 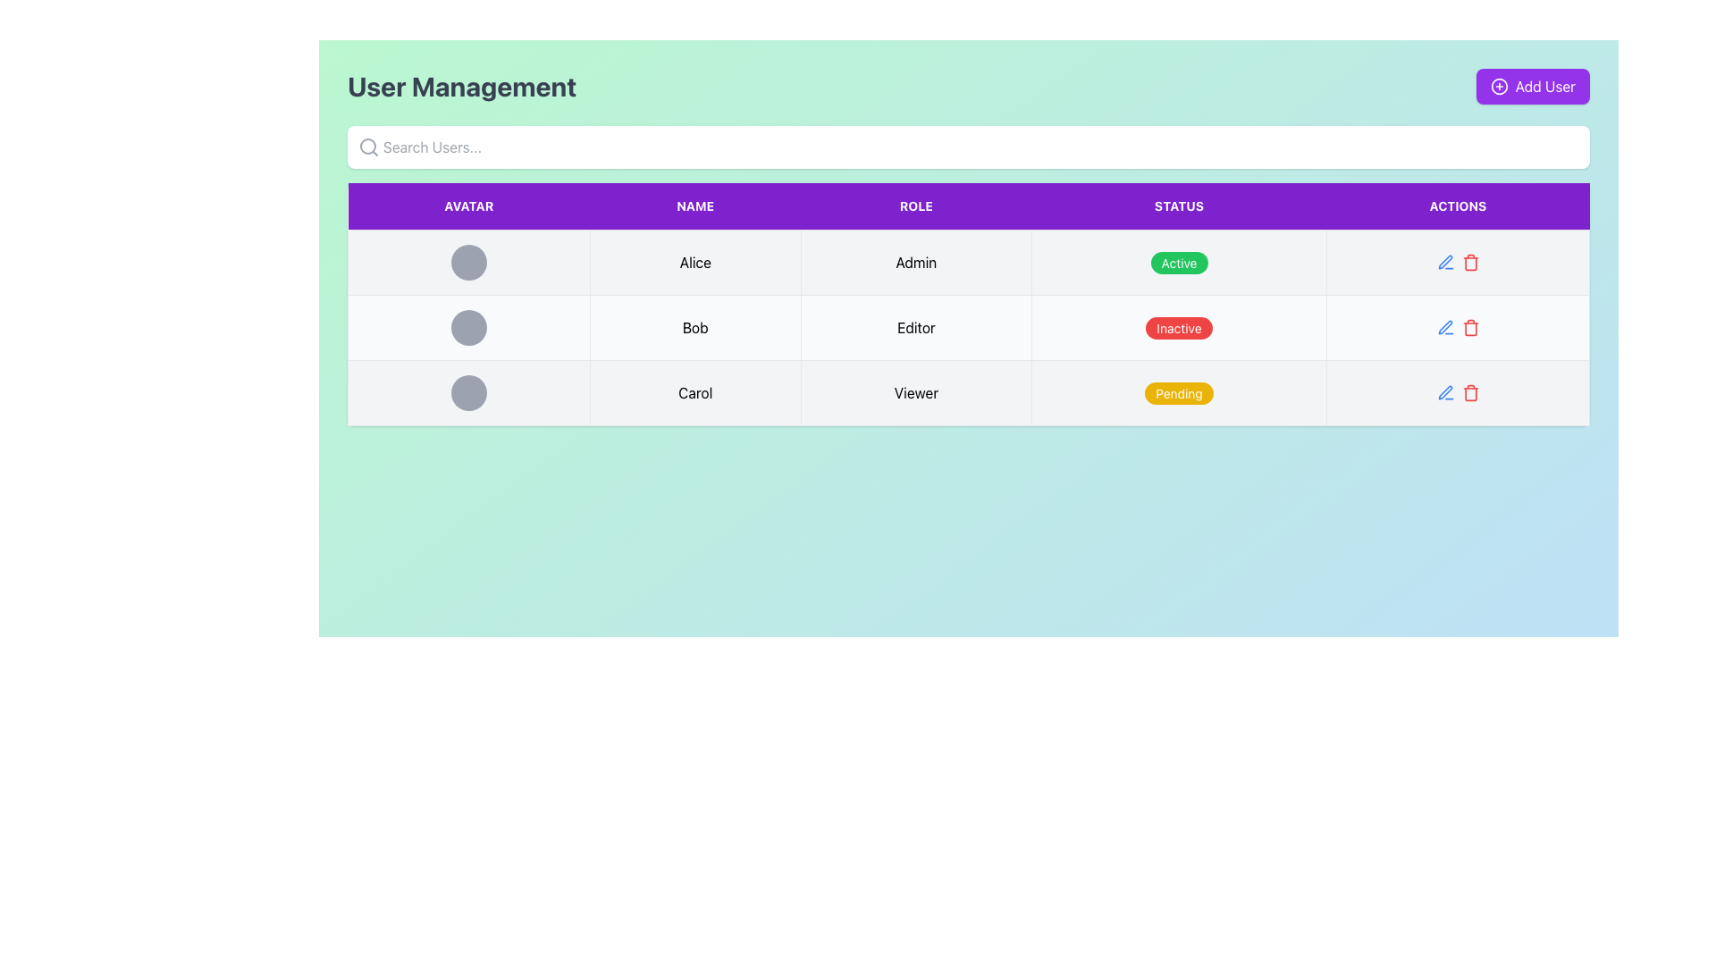 I want to click on the trash icon element located in the Actions column of the second row under the 'Inactive' status entry, adjacent to the edit icon, so click(x=1470, y=329).